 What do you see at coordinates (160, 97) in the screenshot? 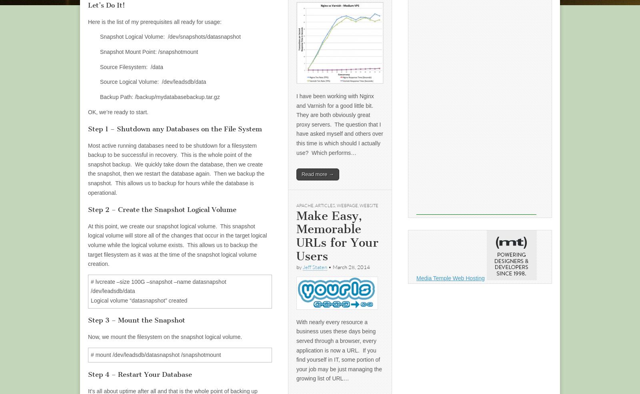
I see `'Backup Path: /backup/mydatabasebackup.tar.gz'` at bounding box center [160, 97].